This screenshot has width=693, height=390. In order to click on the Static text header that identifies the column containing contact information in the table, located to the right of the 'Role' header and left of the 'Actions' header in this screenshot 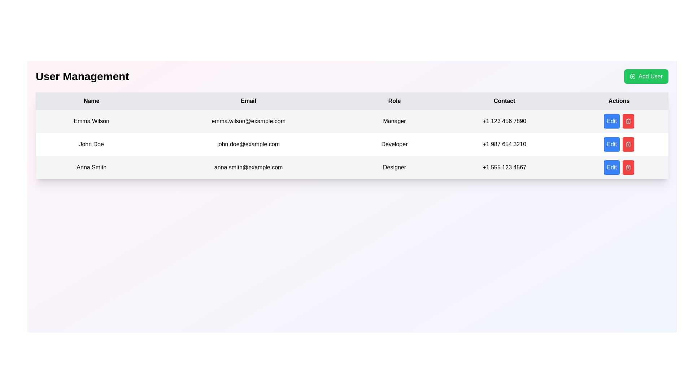, I will do `click(504, 101)`.